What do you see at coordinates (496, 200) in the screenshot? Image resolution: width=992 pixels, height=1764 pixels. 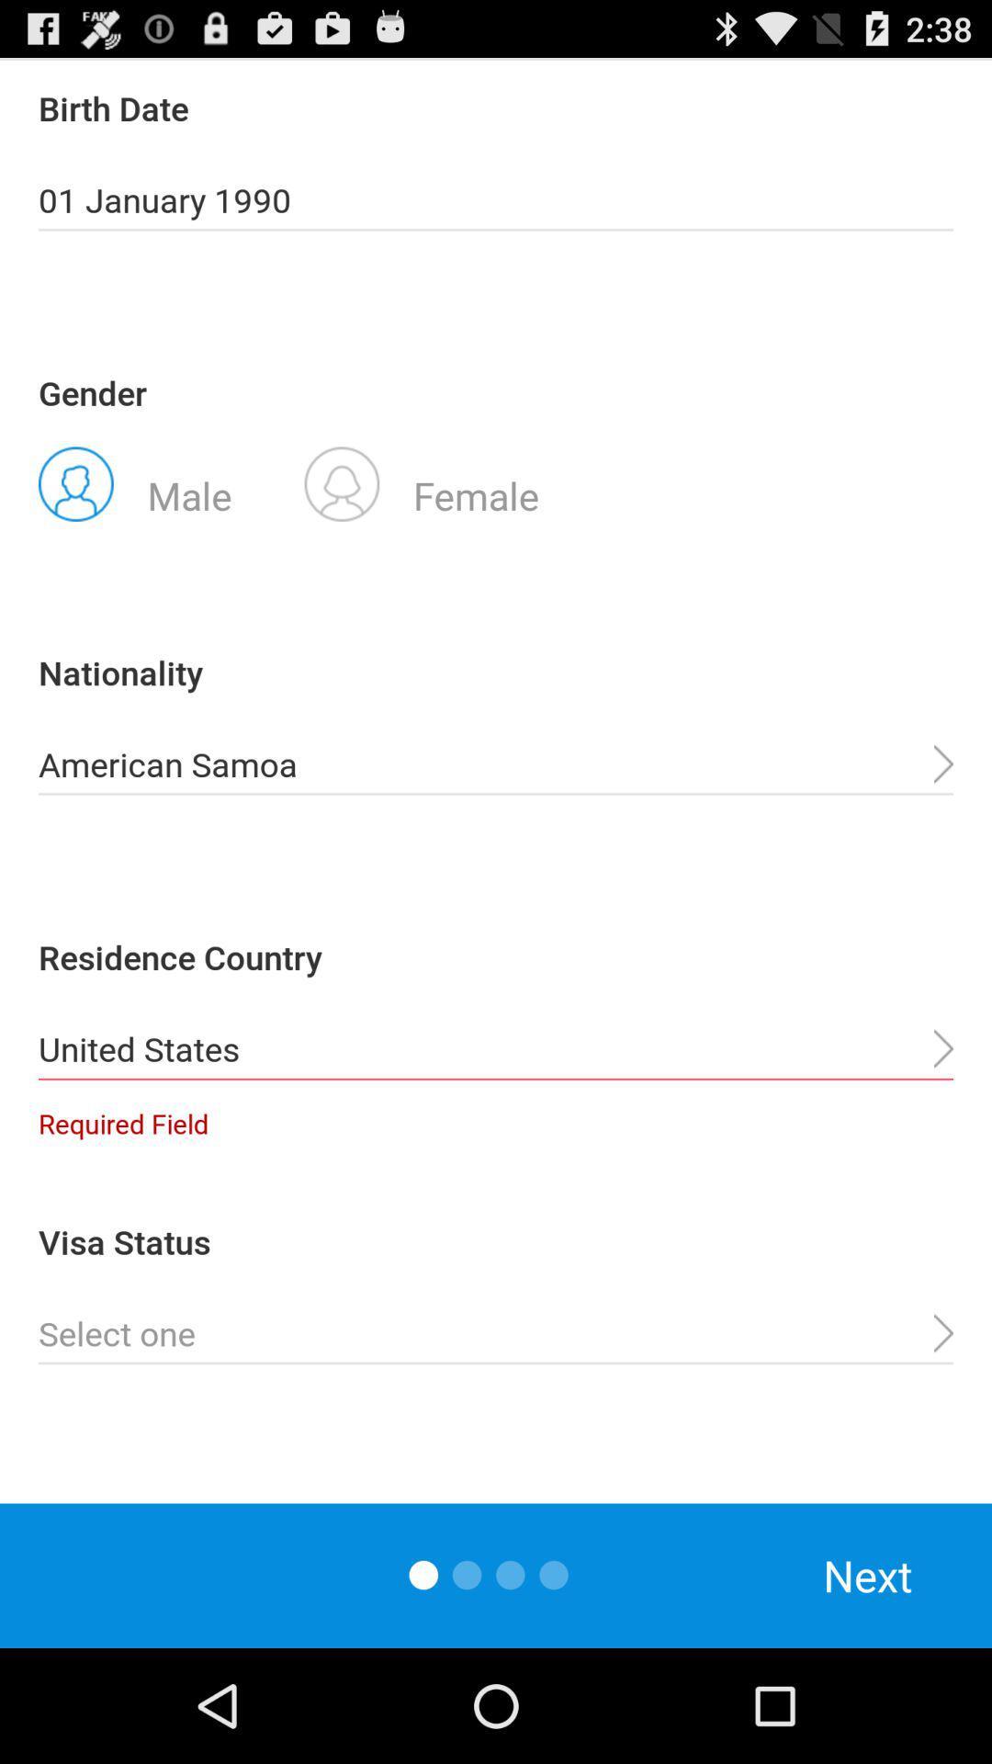 I see `the app below birth date item` at bounding box center [496, 200].